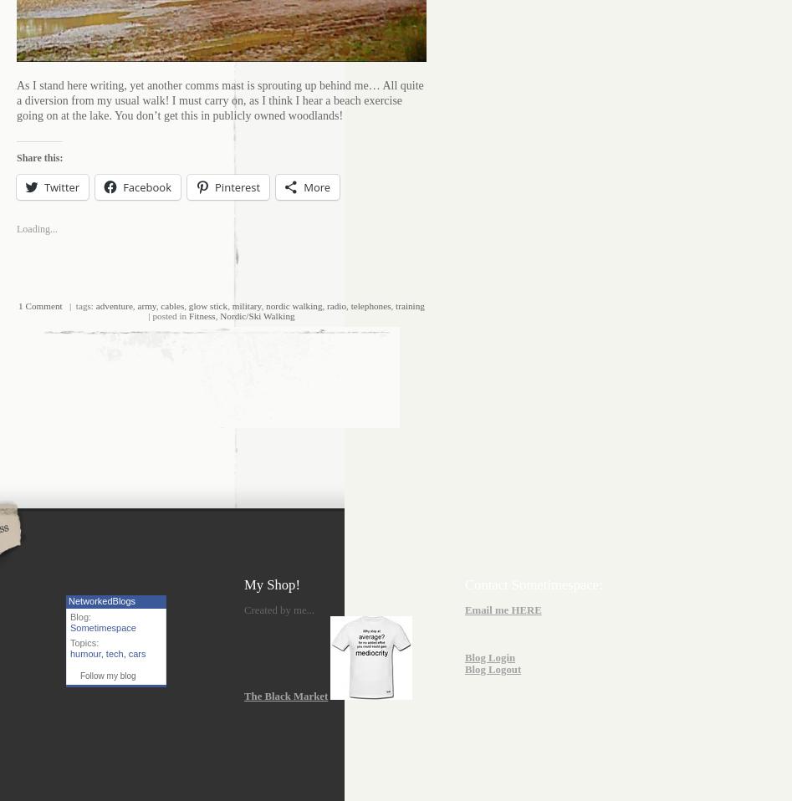 The image size is (792, 801). What do you see at coordinates (135, 652) in the screenshot?
I see `'cars'` at bounding box center [135, 652].